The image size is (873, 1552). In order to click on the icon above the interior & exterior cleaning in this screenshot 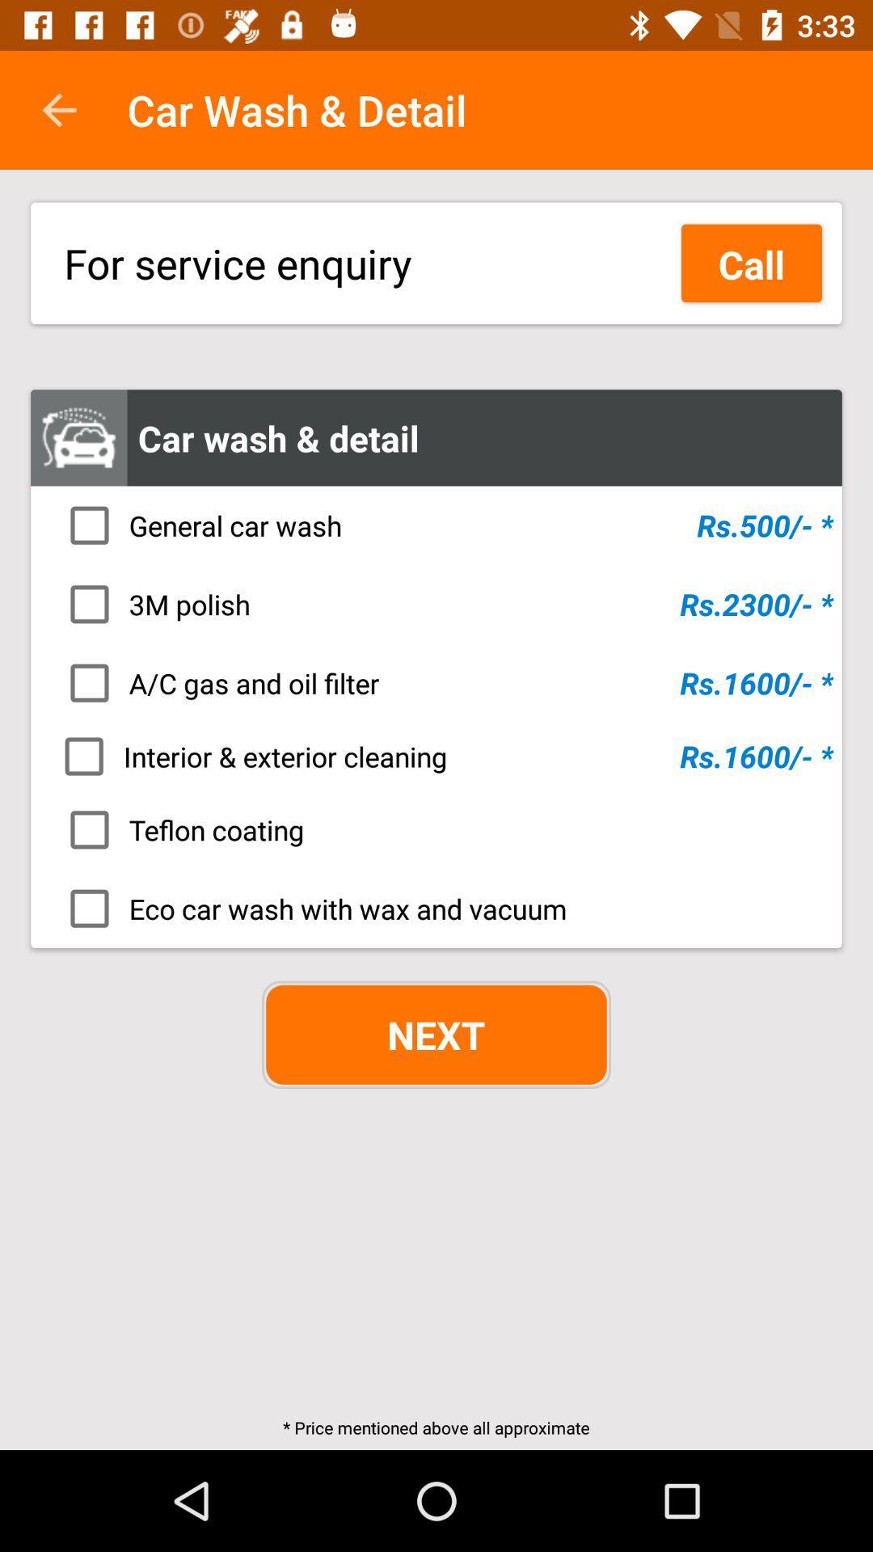, I will do `click(441, 683)`.